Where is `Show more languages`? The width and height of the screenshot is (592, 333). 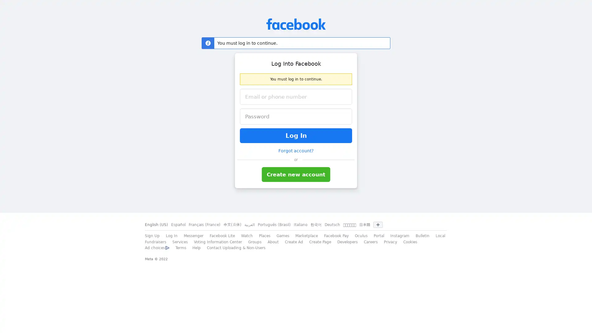 Show more languages is located at coordinates (377, 225).